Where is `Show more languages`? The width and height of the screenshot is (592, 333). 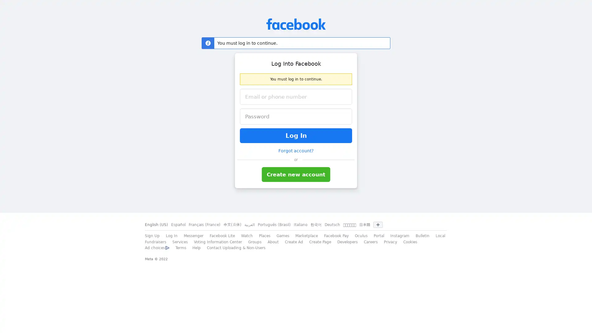 Show more languages is located at coordinates (377, 225).